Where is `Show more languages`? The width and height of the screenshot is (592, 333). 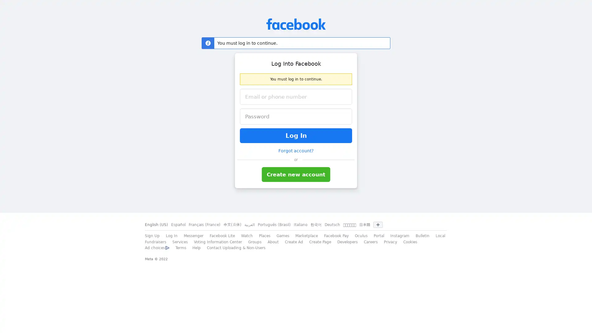 Show more languages is located at coordinates (377, 225).